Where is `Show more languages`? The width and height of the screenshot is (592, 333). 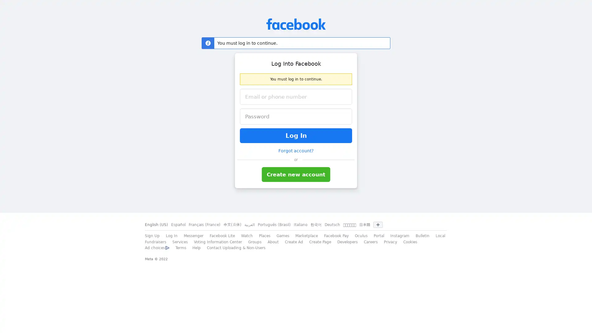 Show more languages is located at coordinates (377, 225).